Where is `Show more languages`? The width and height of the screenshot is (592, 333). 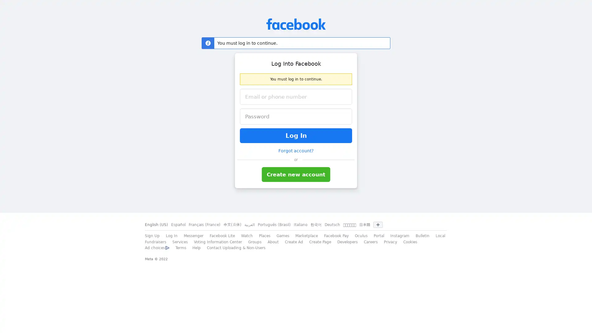 Show more languages is located at coordinates (377, 225).